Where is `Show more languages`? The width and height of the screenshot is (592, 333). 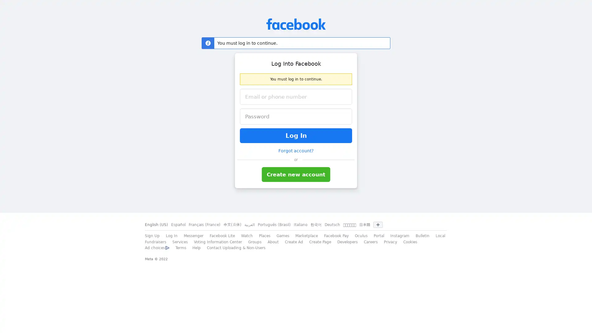 Show more languages is located at coordinates (377, 225).